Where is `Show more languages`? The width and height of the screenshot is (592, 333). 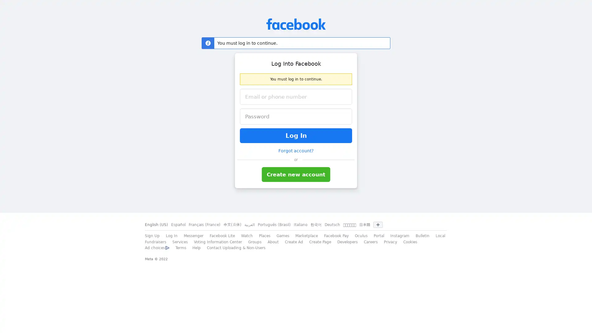 Show more languages is located at coordinates (377, 225).